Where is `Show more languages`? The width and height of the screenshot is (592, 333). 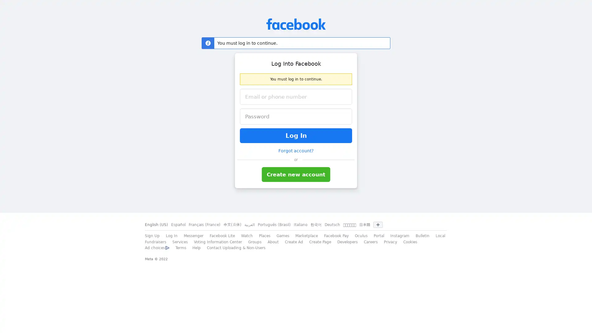 Show more languages is located at coordinates (377, 225).